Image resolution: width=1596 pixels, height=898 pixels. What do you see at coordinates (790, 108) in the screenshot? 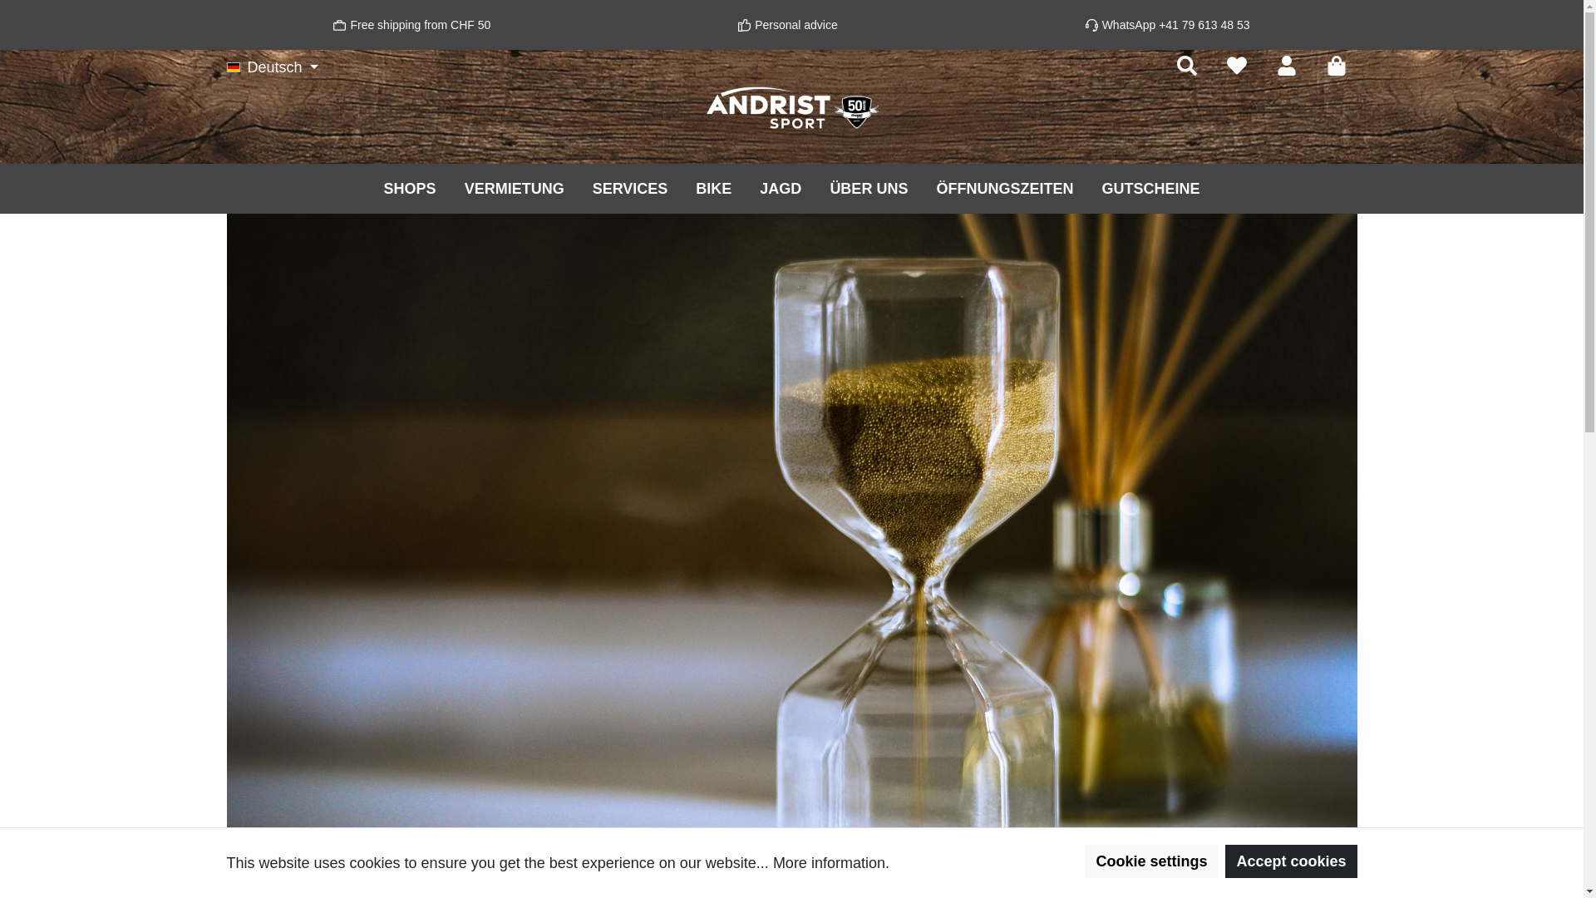
I see `'Go to homepage'` at bounding box center [790, 108].